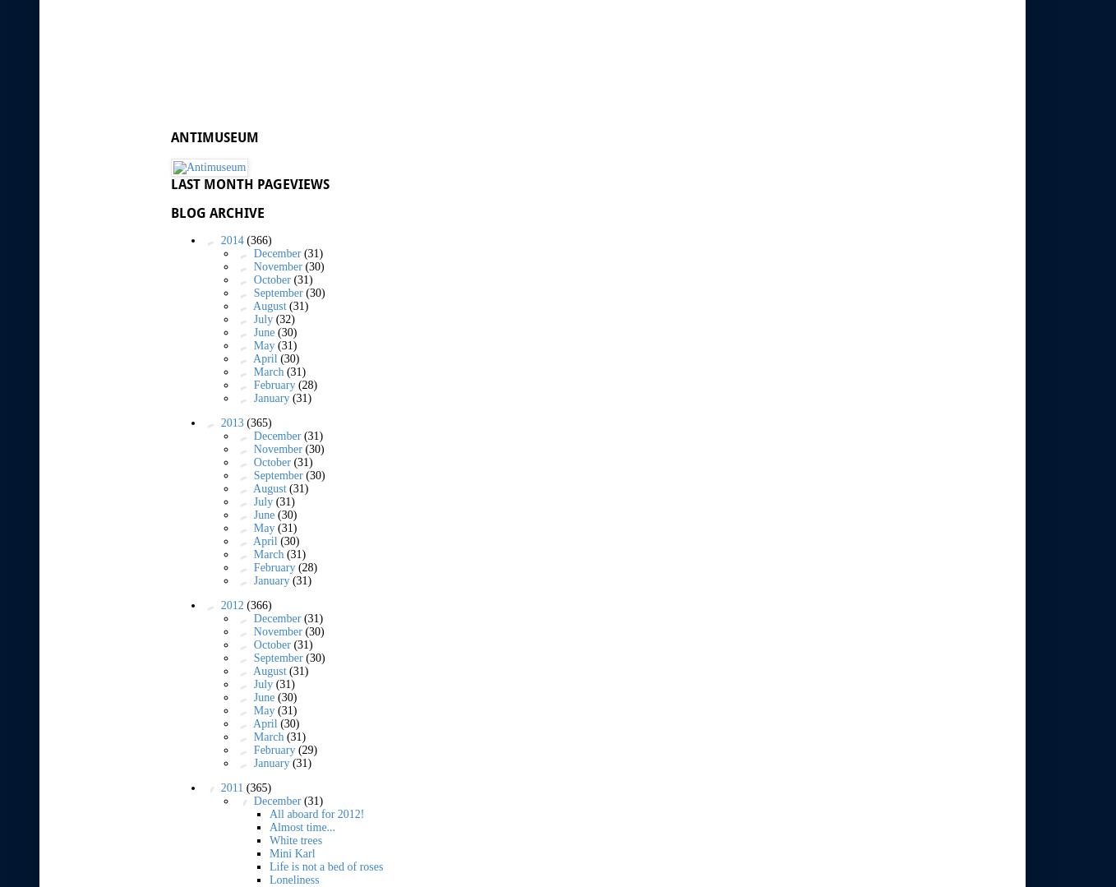  What do you see at coordinates (170, 212) in the screenshot?
I see `'Blog Archive'` at bounding box center [170, 212].